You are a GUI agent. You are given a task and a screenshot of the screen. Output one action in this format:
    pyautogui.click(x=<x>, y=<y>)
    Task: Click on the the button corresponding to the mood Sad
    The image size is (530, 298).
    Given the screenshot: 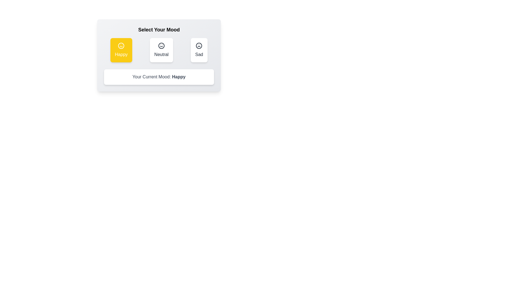 What is the action you would take?
    pyautogui.click(x=199, y=50)
    